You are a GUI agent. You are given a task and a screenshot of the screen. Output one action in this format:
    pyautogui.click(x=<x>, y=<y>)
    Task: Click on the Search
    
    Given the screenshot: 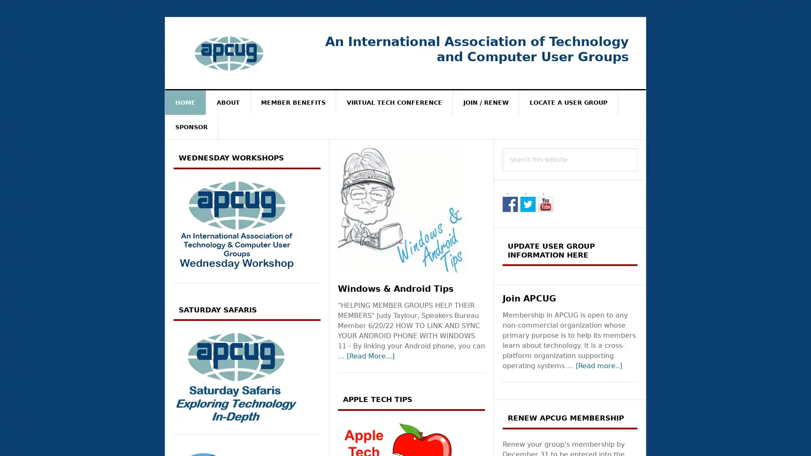 What is the action you would take?
    pyautogui.click(x=637, y=147)
    